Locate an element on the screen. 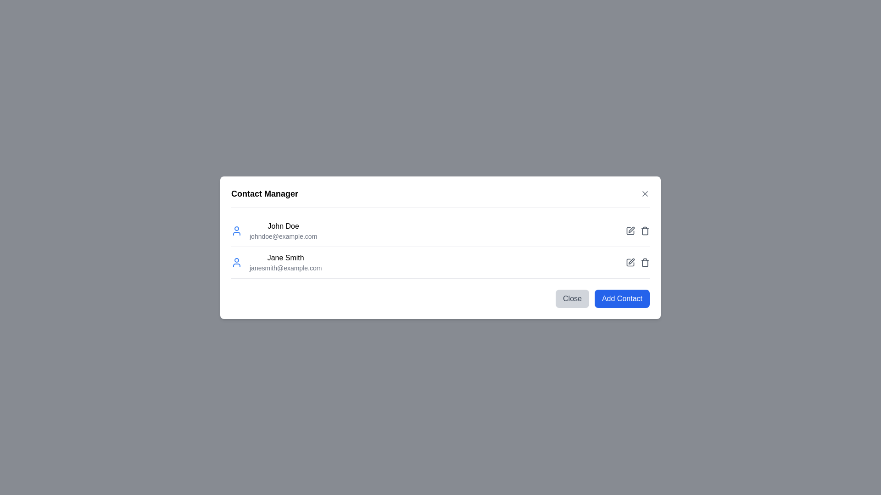 Image resolution: width=881 pixels, height=495 pixels. the delete button located in the second row of the contact list, which is aligned with the details of 'Jane Smith' is located at coordinates (645, 230).